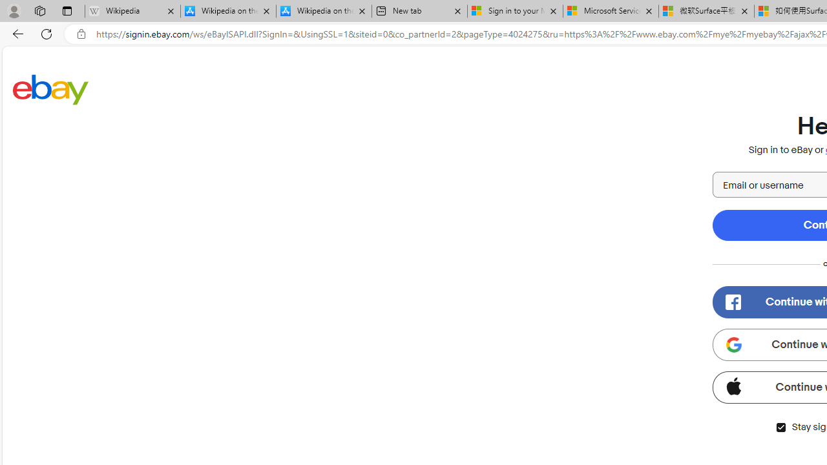  Describe the element at coordinates (515, 11) in the screenshot. I see `'Sign in to your Microsoft account'` at that location.